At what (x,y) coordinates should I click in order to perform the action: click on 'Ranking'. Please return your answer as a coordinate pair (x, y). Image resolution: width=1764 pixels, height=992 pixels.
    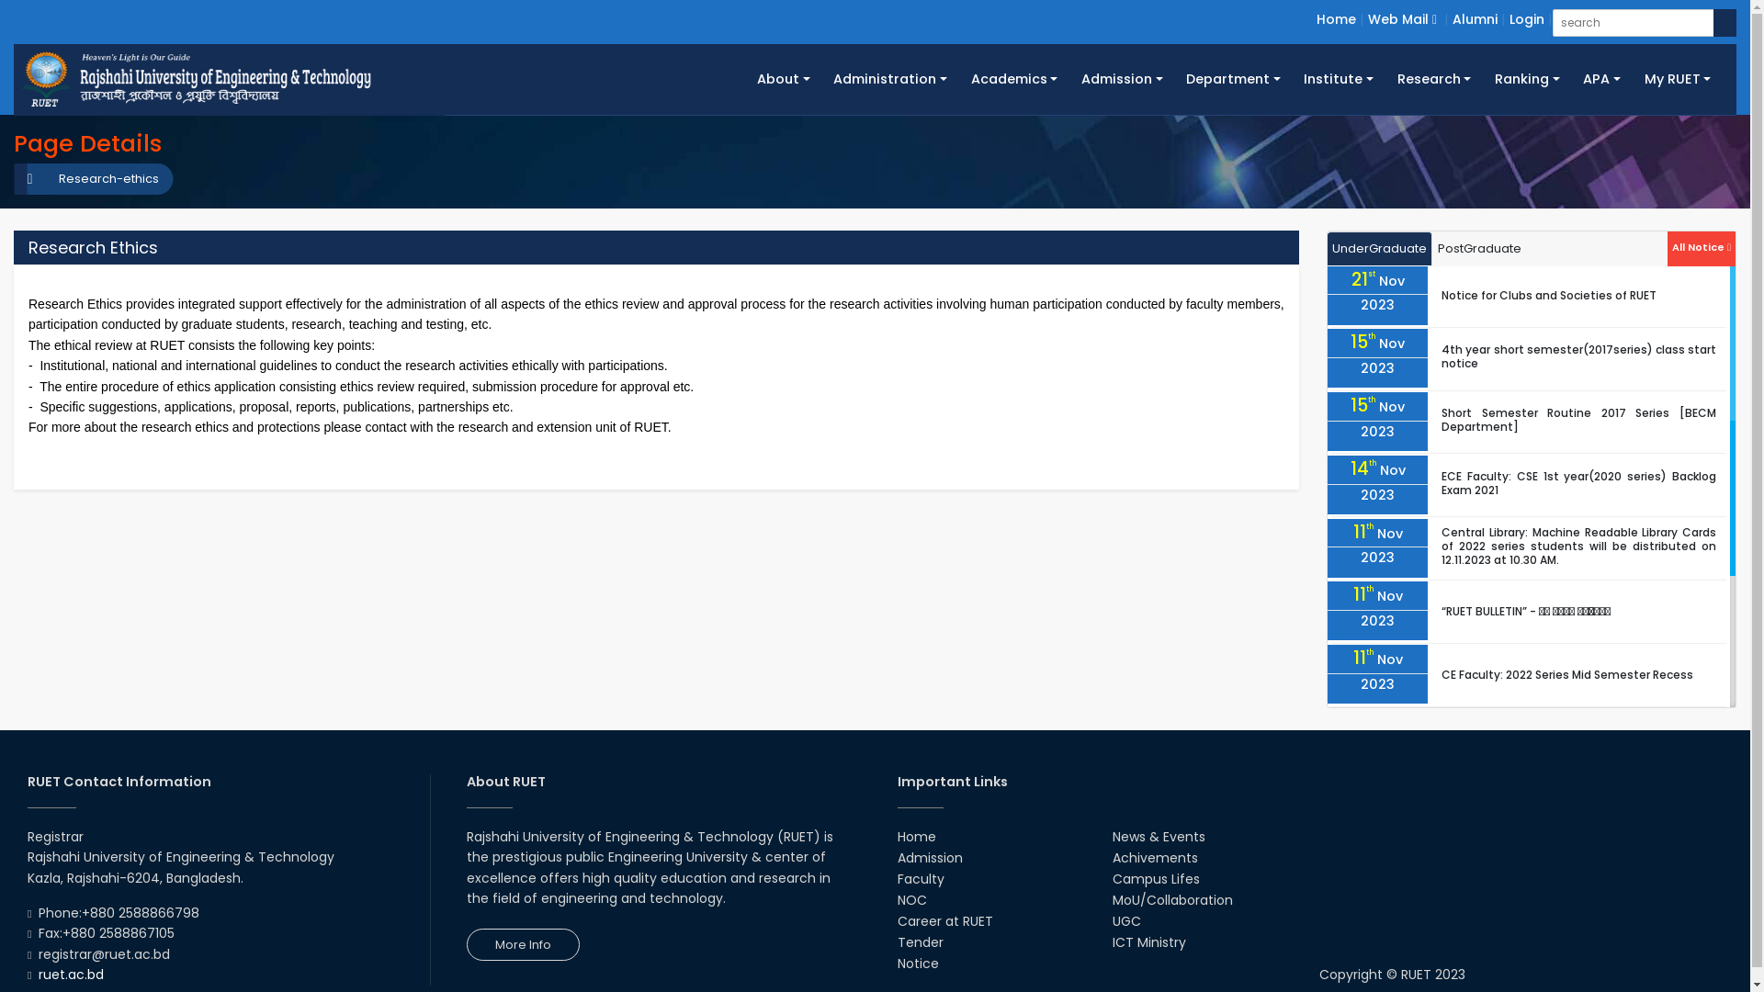
    Looking at the image, I should click on (1526, 78).